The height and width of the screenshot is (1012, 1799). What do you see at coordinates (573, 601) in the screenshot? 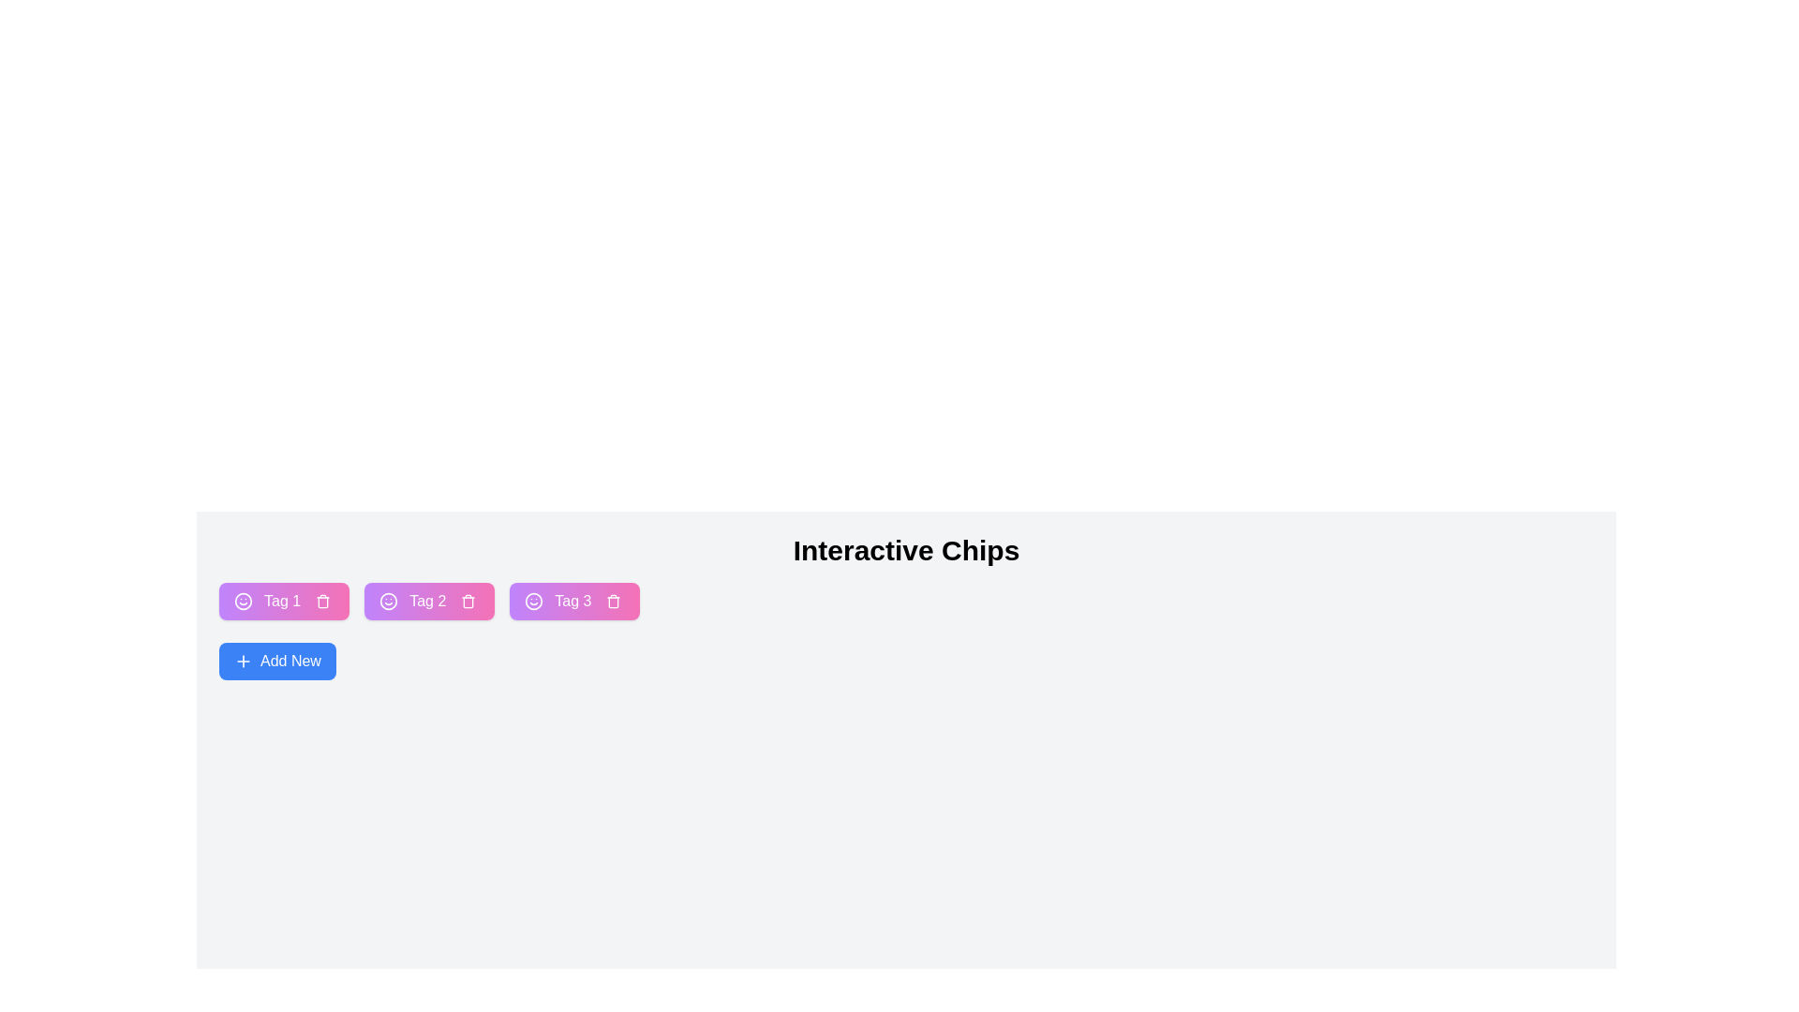
I see `the chip labeled Tag 3 to observe any visual changes` at bounding box center [573, 601].